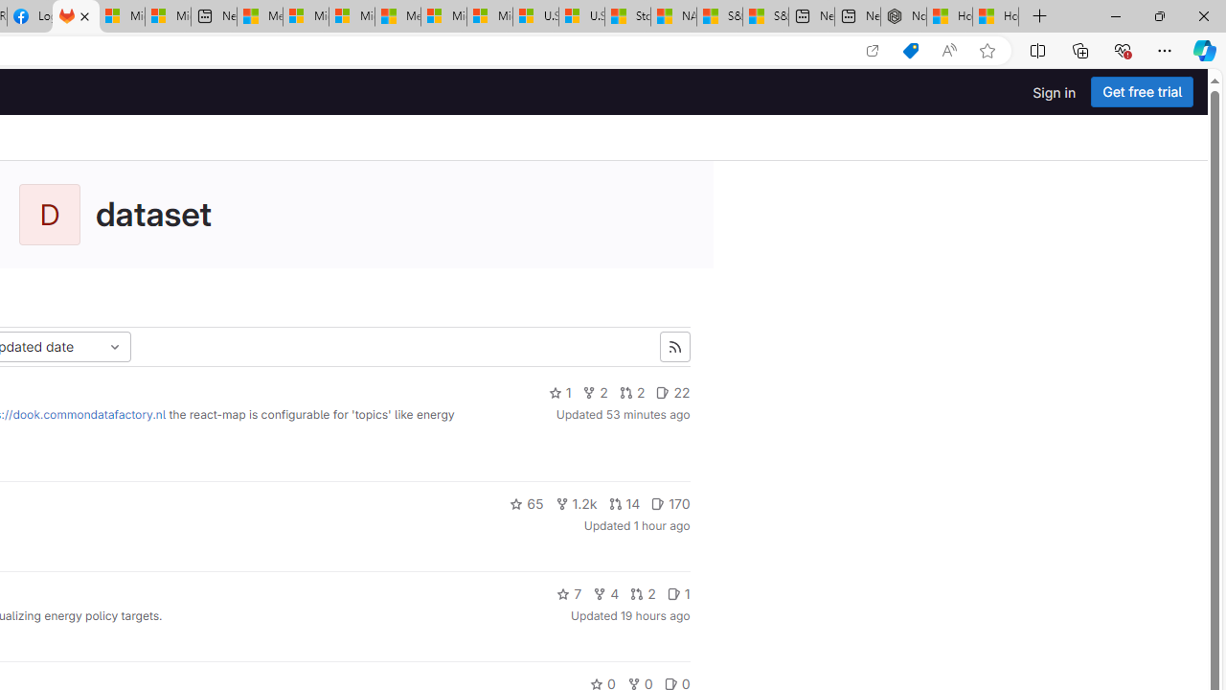  What do you see at coordinates (1158, 15) in the screenshot?
I see `'Restore'` at bounding box center [1158, 15].